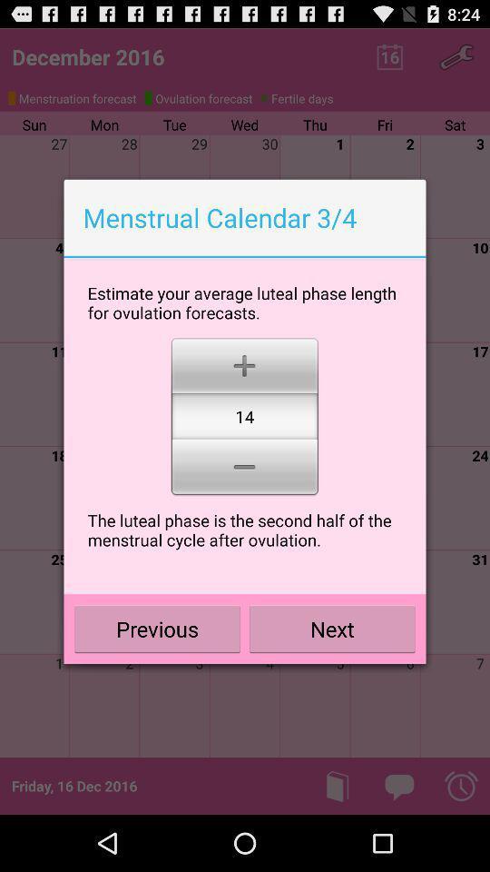 This screenshot has height=872, width=490. Describe the element at coordinates (244, 363) in the screenshot. I see `add option` at that location.